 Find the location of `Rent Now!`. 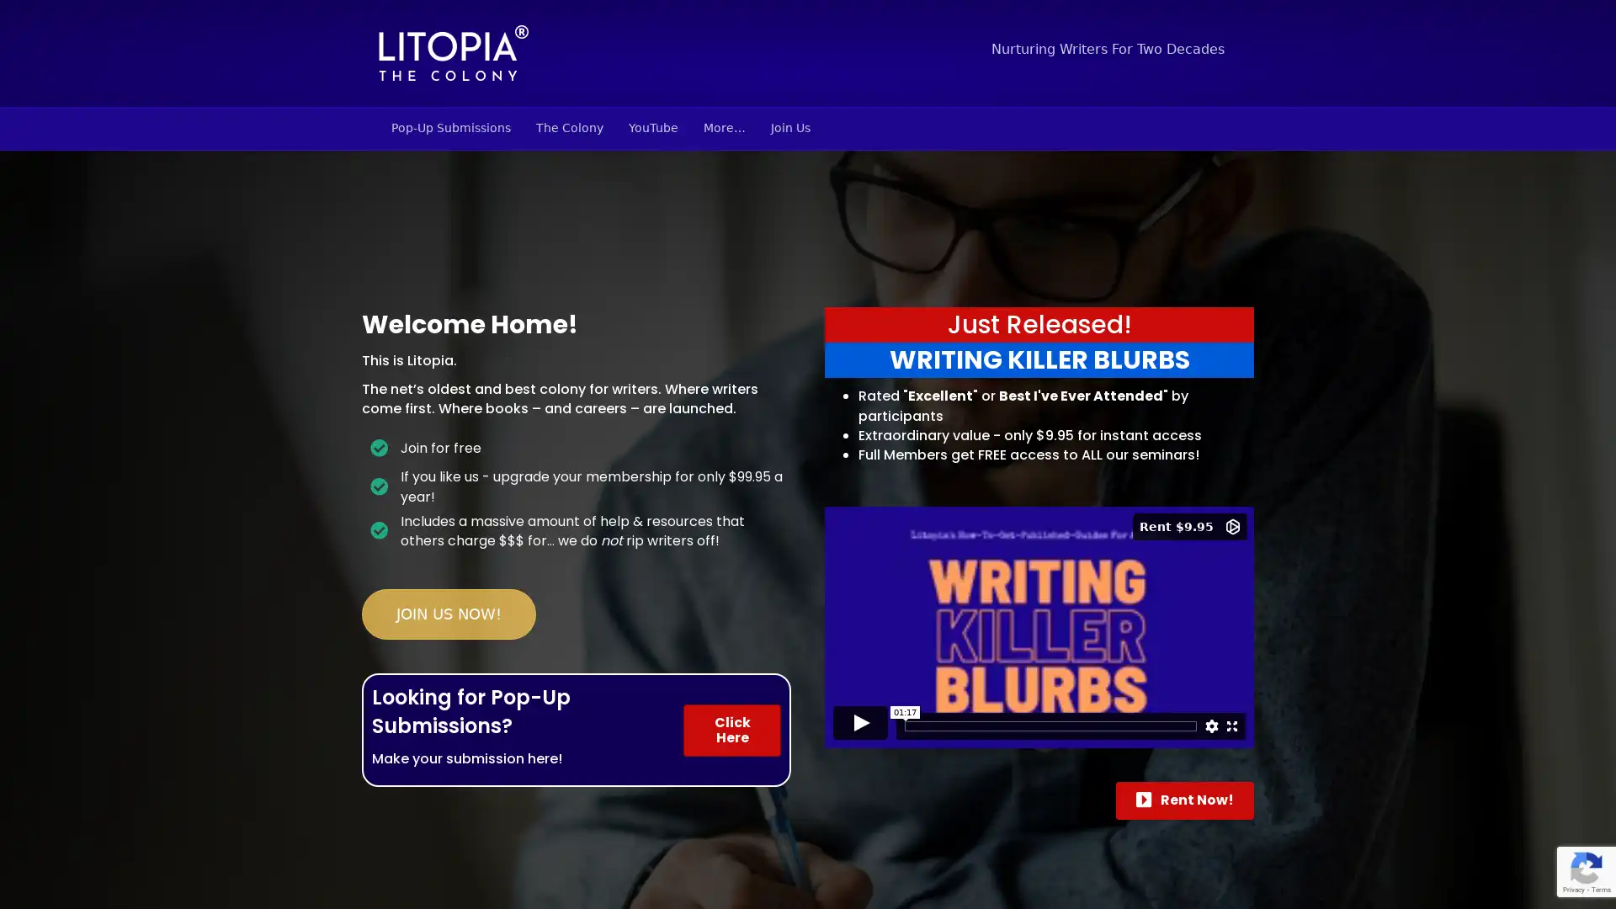

Rent Now! is located at coordinates (1183, 800).